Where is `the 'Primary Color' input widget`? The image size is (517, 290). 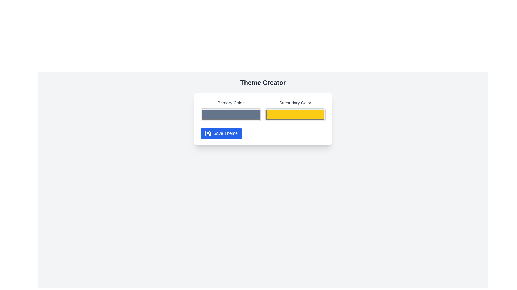 the 'Primary Color' input widget is located at coordinates (230, 110).